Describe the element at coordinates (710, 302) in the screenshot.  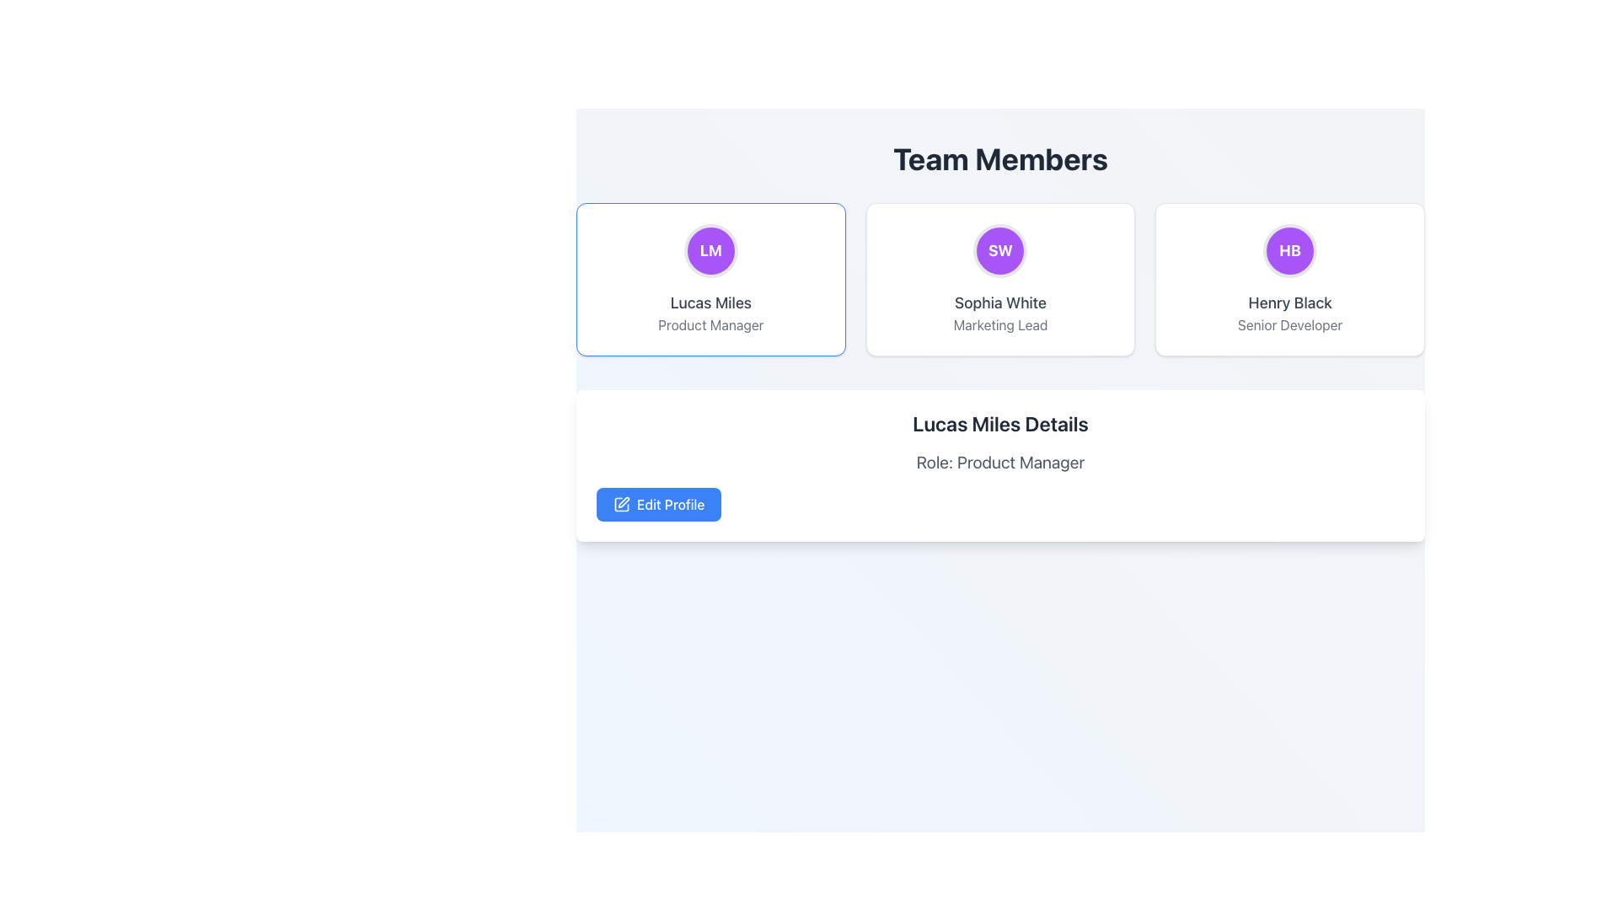
I see `on the text display showing the name 'Lucas Miles'` at that location.